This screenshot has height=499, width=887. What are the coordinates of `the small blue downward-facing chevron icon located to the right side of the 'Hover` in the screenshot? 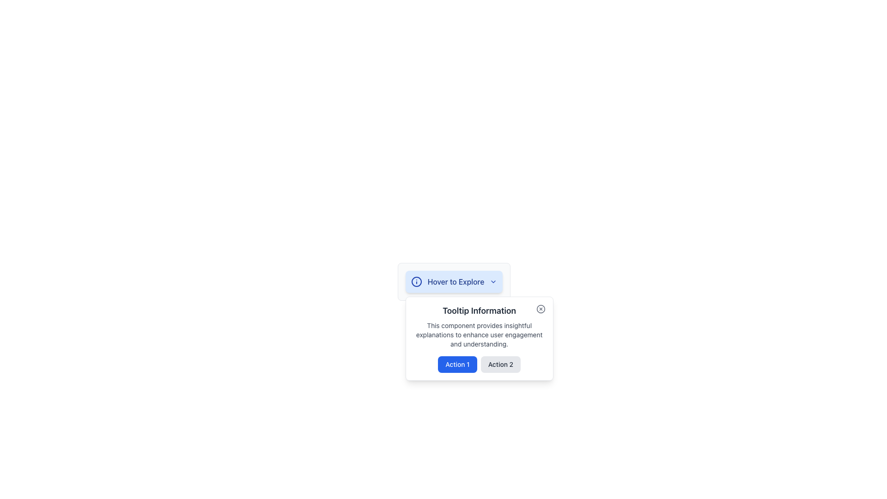 It's located at (493, 281).